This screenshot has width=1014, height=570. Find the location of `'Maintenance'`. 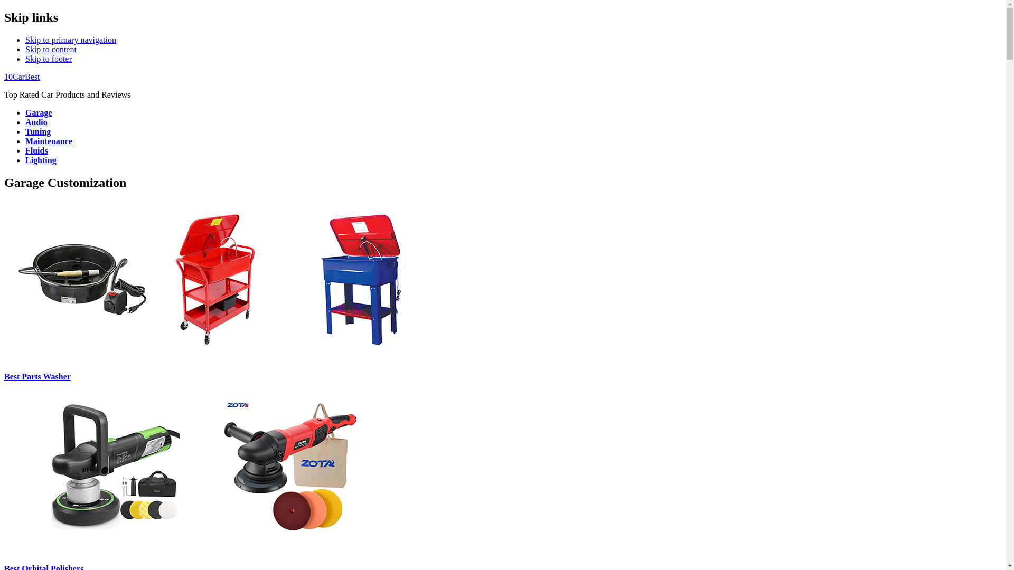

'Maintenance' is located at coordinates (48, 140).